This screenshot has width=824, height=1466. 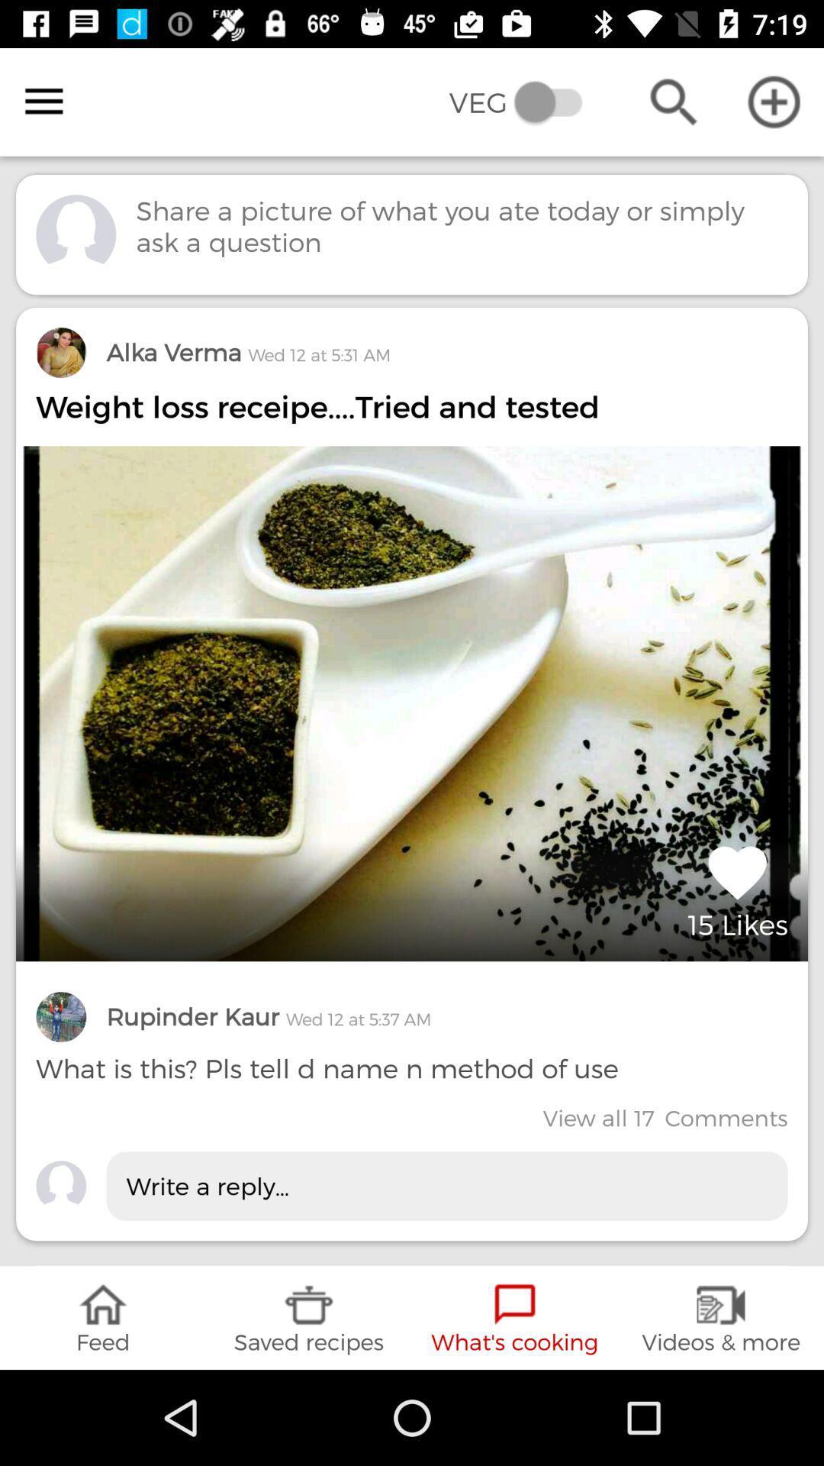 What do you see at coordinates (309, 1317) in the screenshot?
I see `icon to the left of the what's cooking` at bounding box center [309, 1317].